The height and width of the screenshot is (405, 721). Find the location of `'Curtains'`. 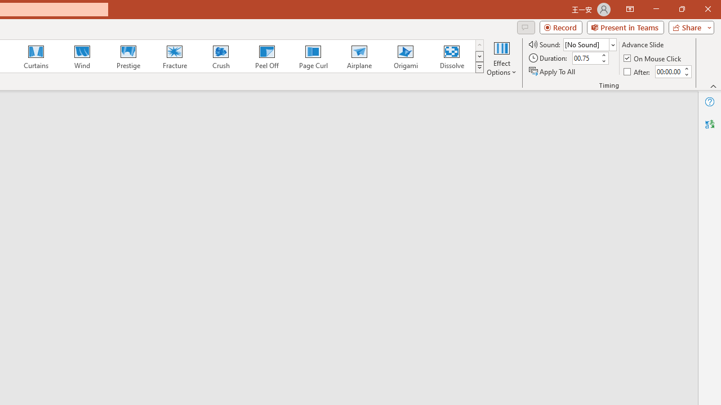

'Curtains' is located at coordinates (36, 56).